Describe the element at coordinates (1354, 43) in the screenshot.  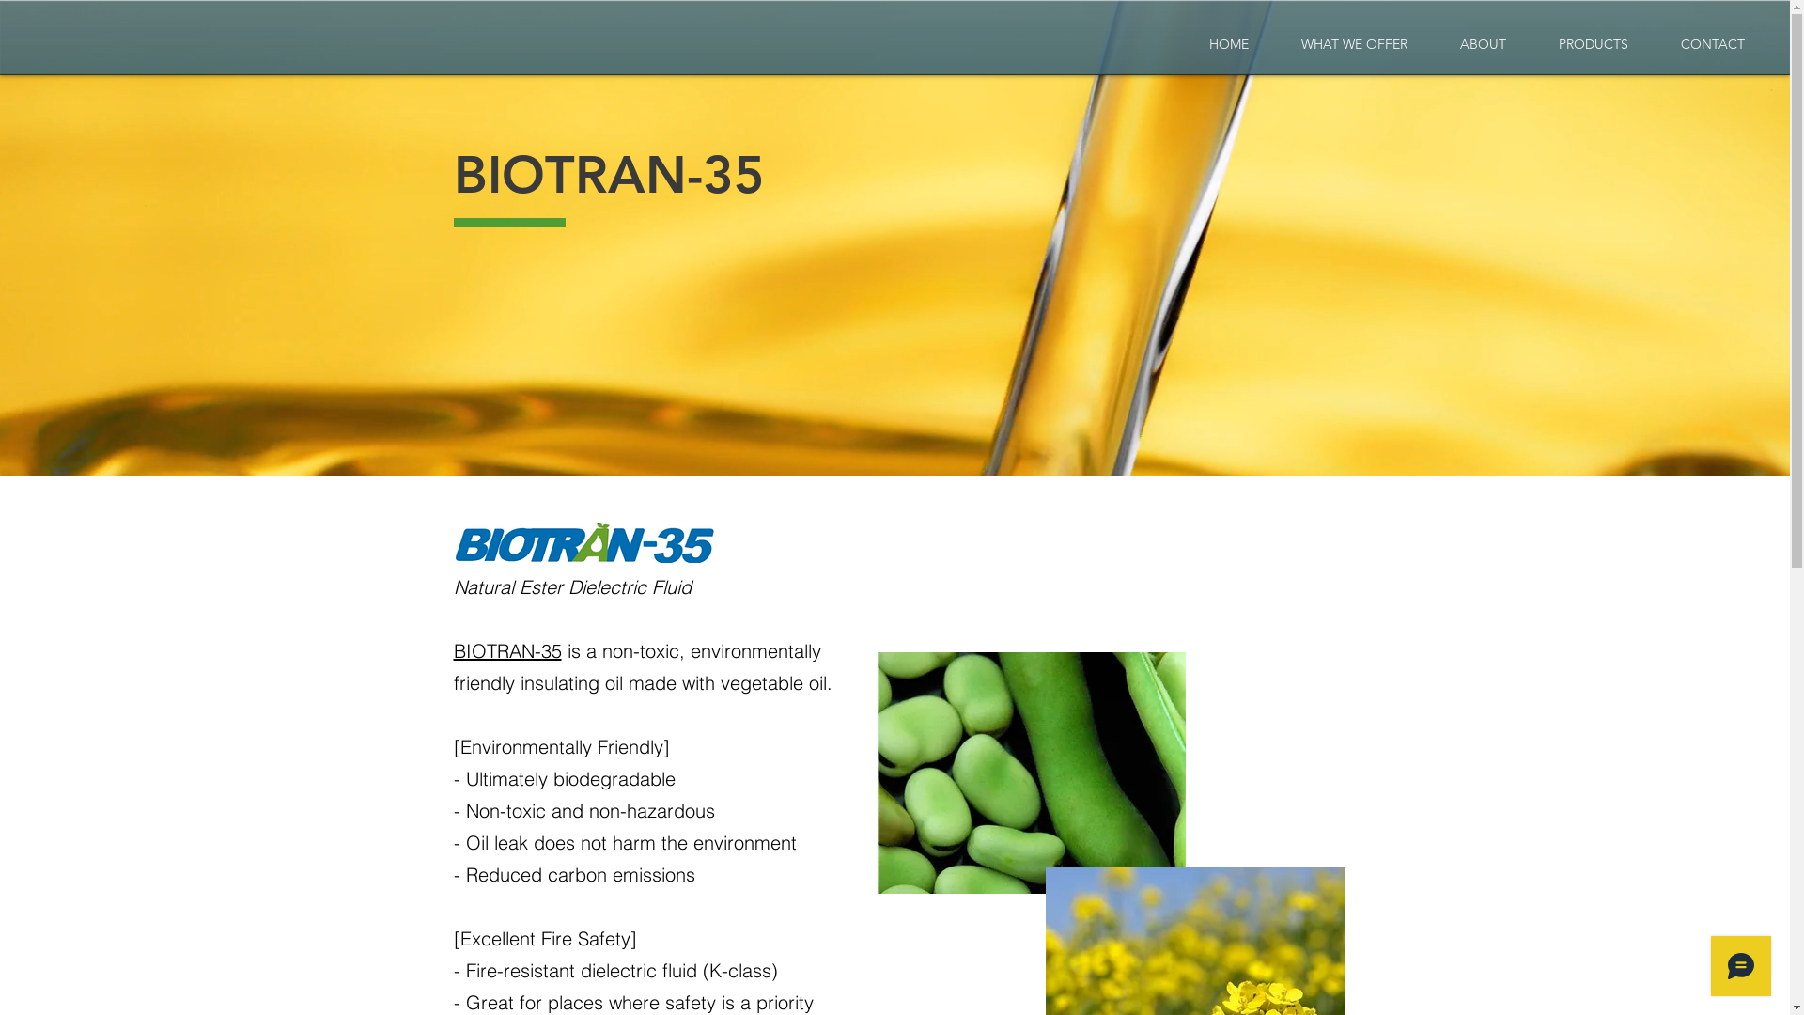
I see `'WHAT WE OFFER'` at that location.